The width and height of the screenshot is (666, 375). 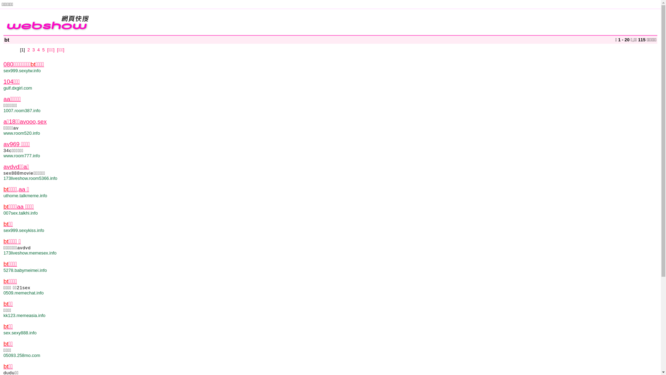 What do you see at coordinates (42, 49) in the screenshot?
I see `'5'` at bounding box center [42, 49].